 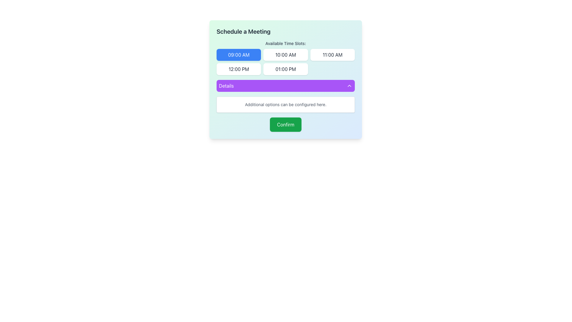 I want to click on the '01:00 PM' button in the time slot selection panel, so click(x=285, y=69).